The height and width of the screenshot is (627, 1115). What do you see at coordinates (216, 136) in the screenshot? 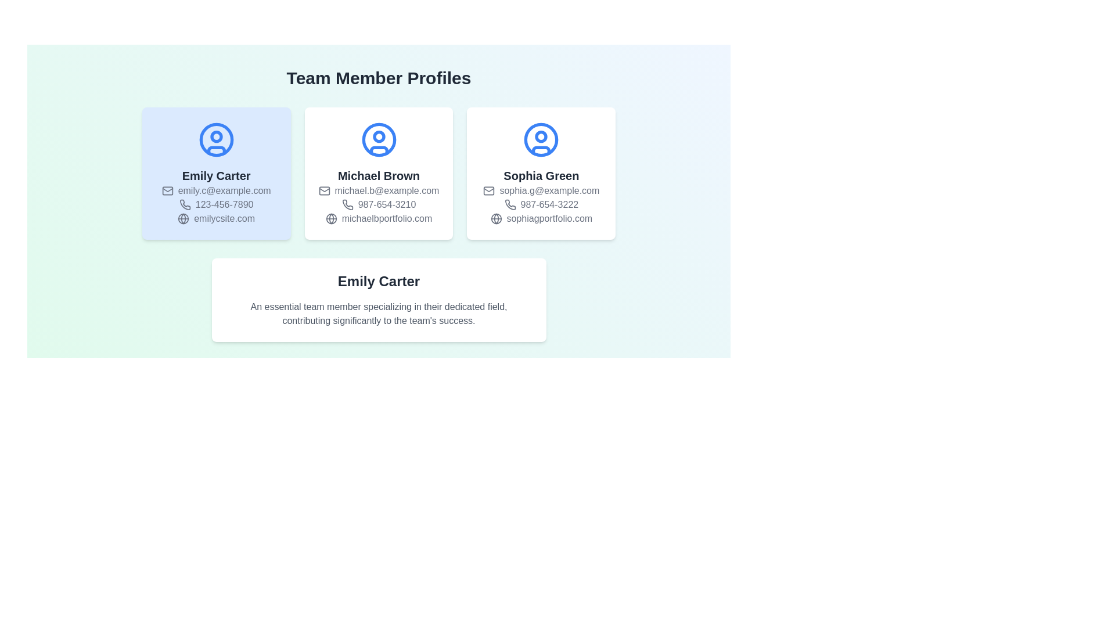
I see `the small circle that serves as a graphical decoration within the head portion of the user avatar icon in the profile card titled 'Emily Carter'` at bounding box center [216, 136].